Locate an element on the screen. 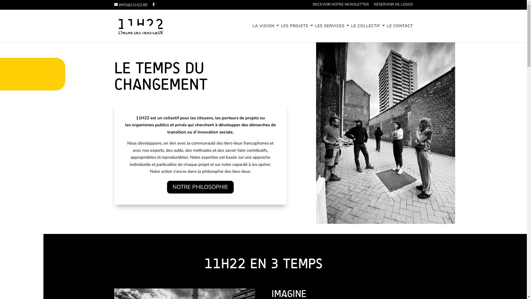  'LES SERVICES' is located at coordinates (314, 33).